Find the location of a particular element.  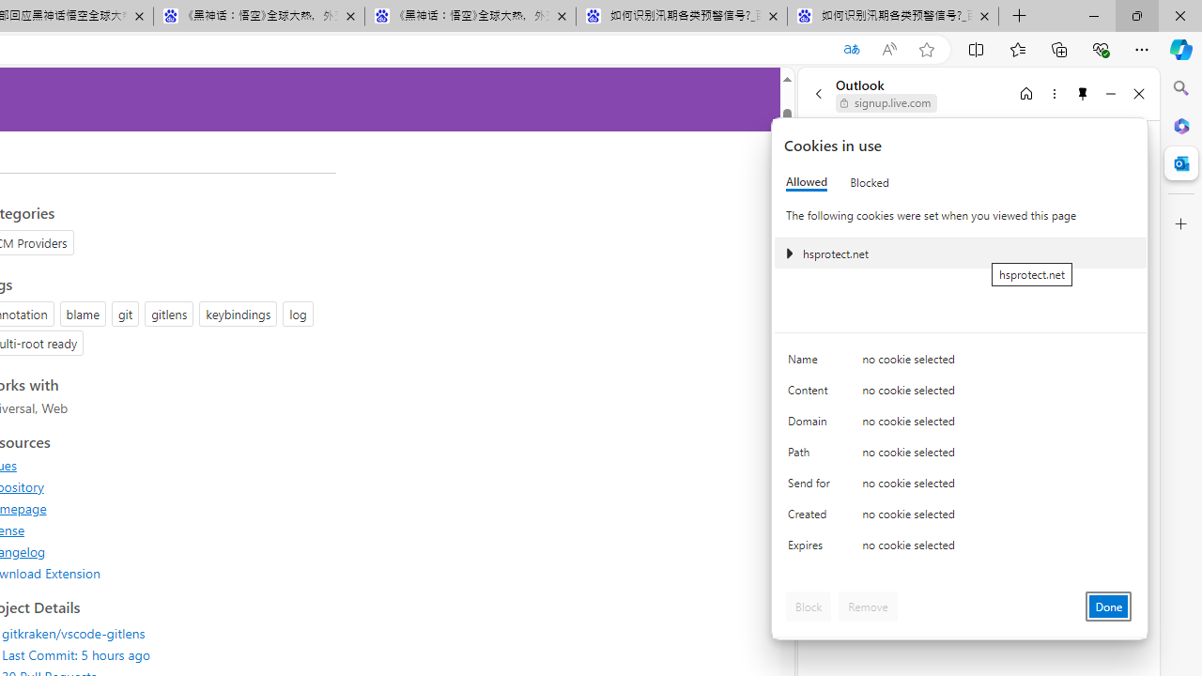

'Block' is located at coordinates (809, 606).